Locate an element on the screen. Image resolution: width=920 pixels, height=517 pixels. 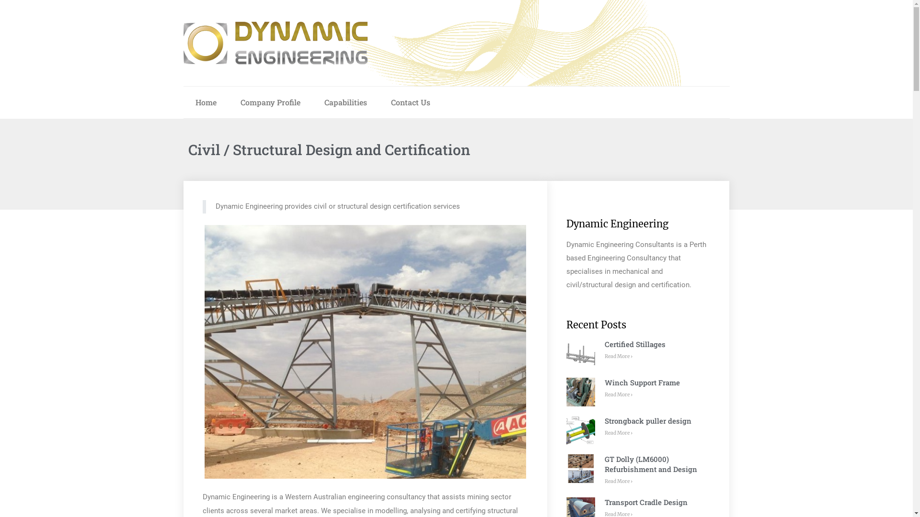
'Contact Us' is located at coordinates (378, 102).